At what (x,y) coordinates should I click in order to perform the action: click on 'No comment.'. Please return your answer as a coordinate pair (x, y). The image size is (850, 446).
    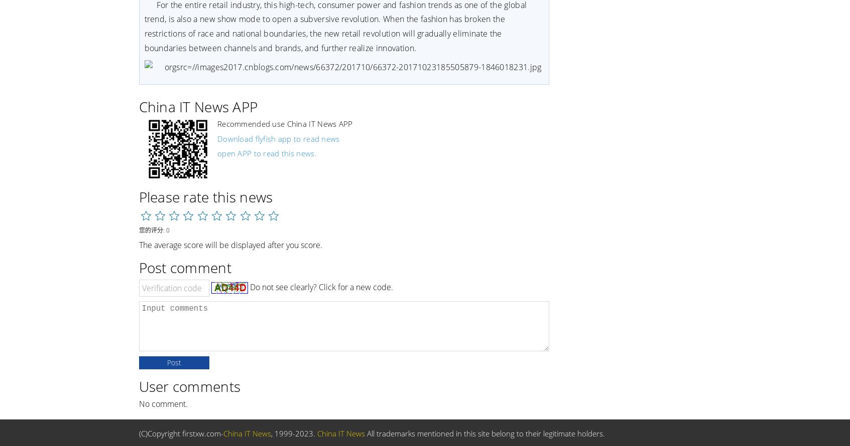
    Looking at the image, I should click on (162, 403).